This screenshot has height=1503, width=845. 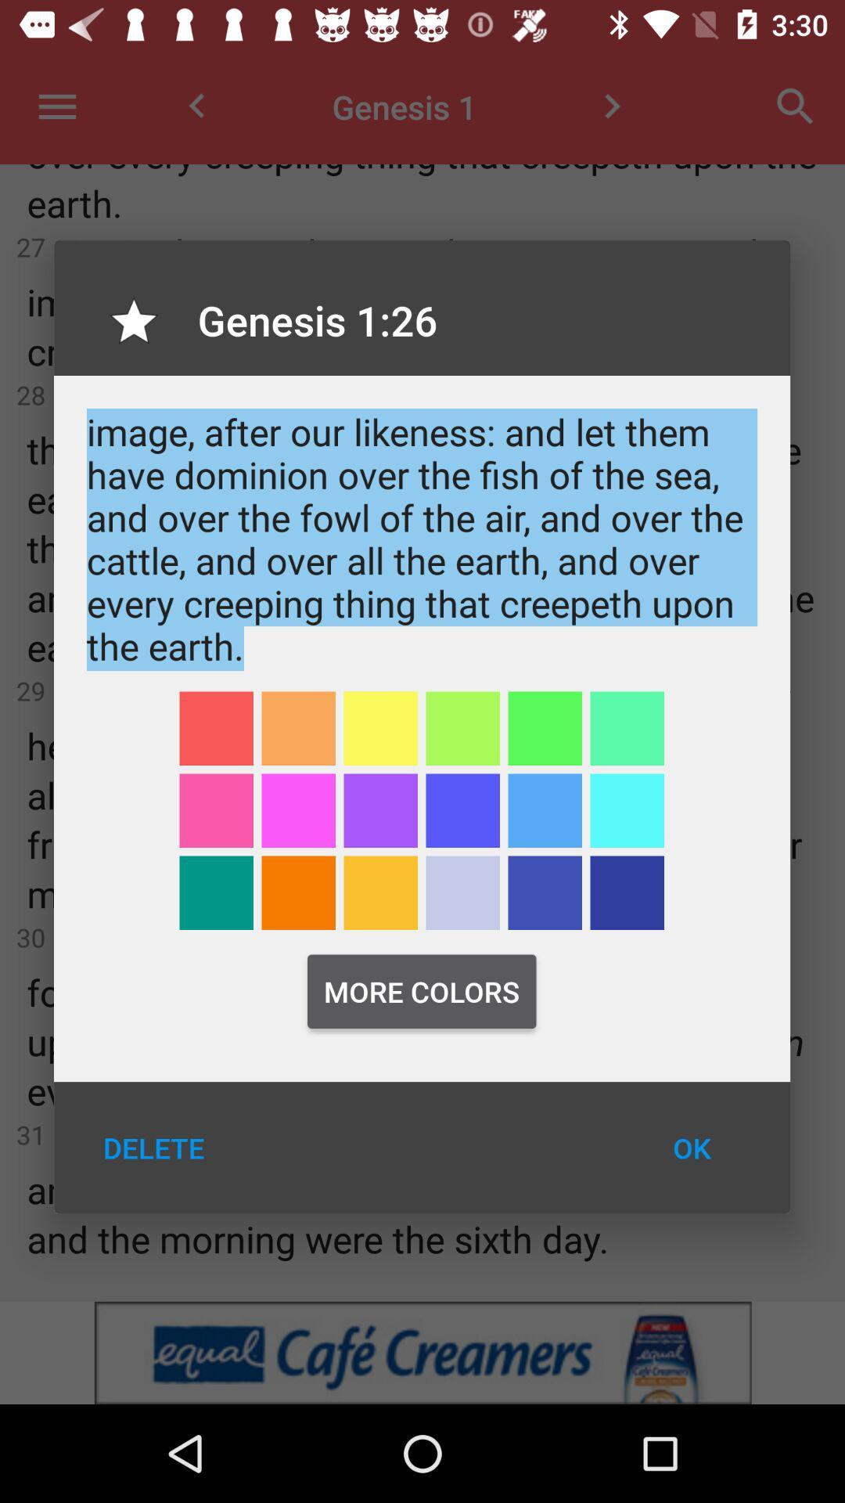 I want to click on green color, so click(x=544, y=727).